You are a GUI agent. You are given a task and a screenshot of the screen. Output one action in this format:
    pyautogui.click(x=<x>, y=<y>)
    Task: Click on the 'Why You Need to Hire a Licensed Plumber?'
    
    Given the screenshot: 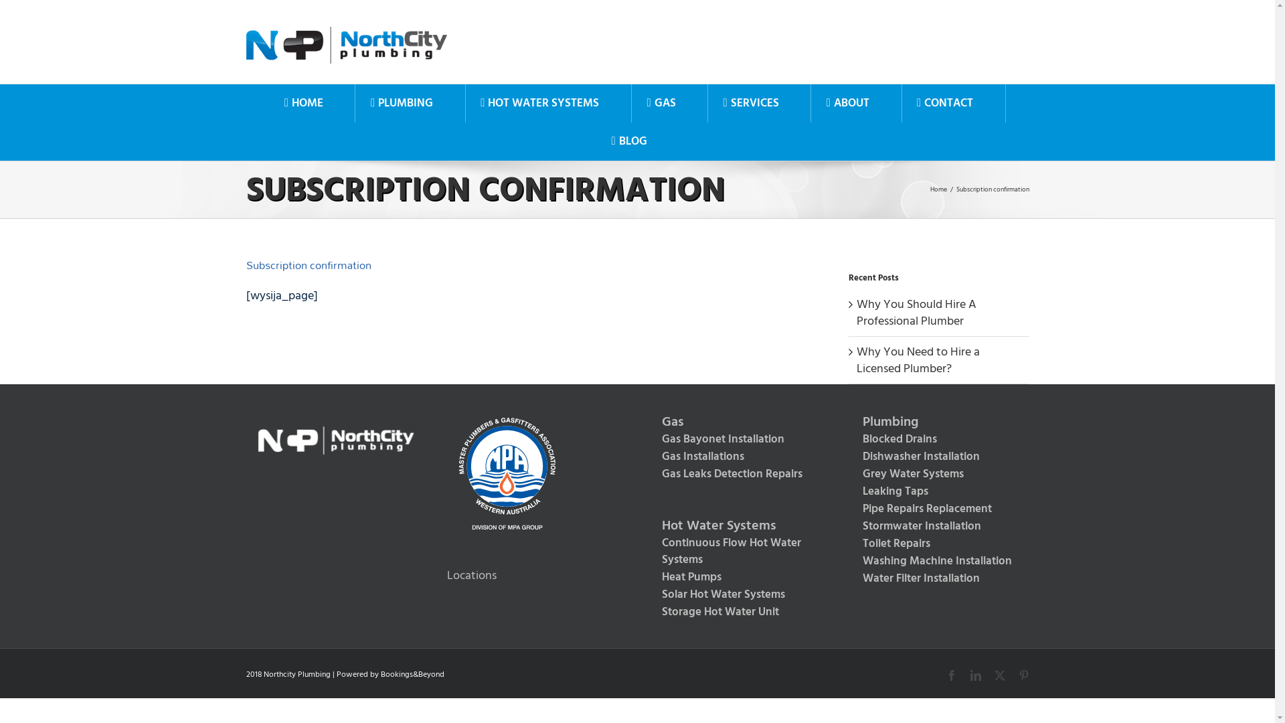 What is the action you would take?
    pyautogui.click(x=918, y=359)
    